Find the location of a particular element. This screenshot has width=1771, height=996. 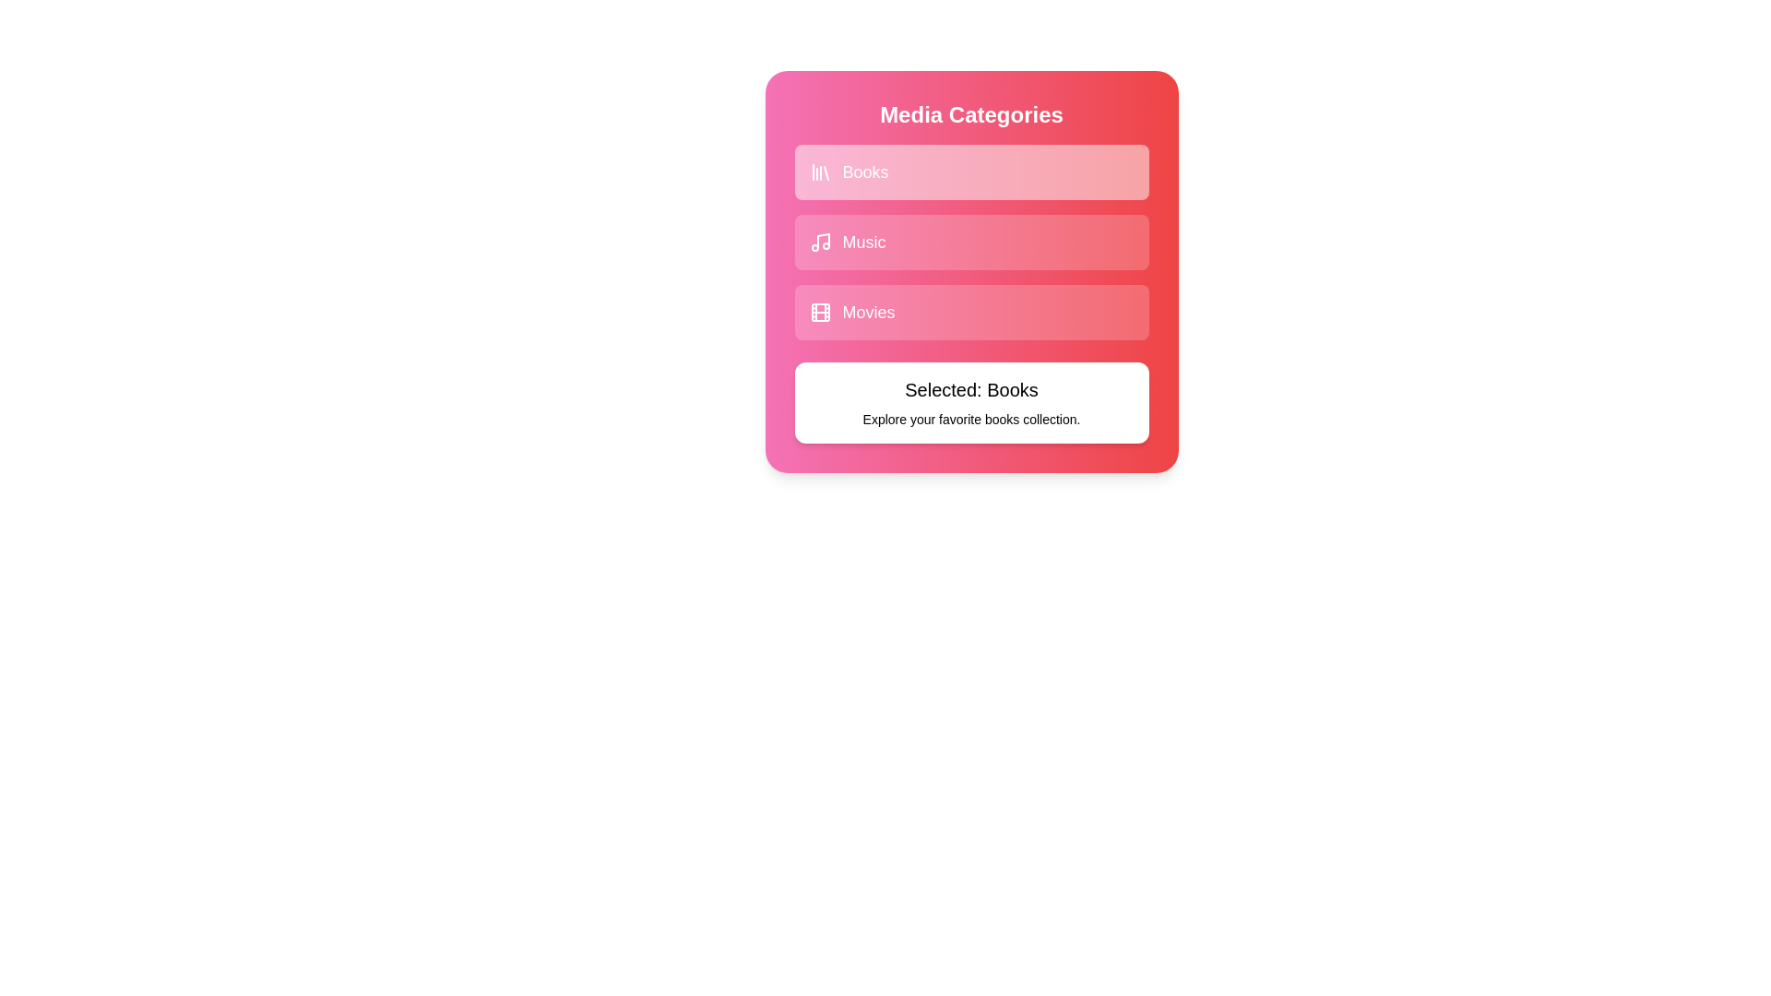

the 'Music' category to select it is located at coordinates (970, 241).